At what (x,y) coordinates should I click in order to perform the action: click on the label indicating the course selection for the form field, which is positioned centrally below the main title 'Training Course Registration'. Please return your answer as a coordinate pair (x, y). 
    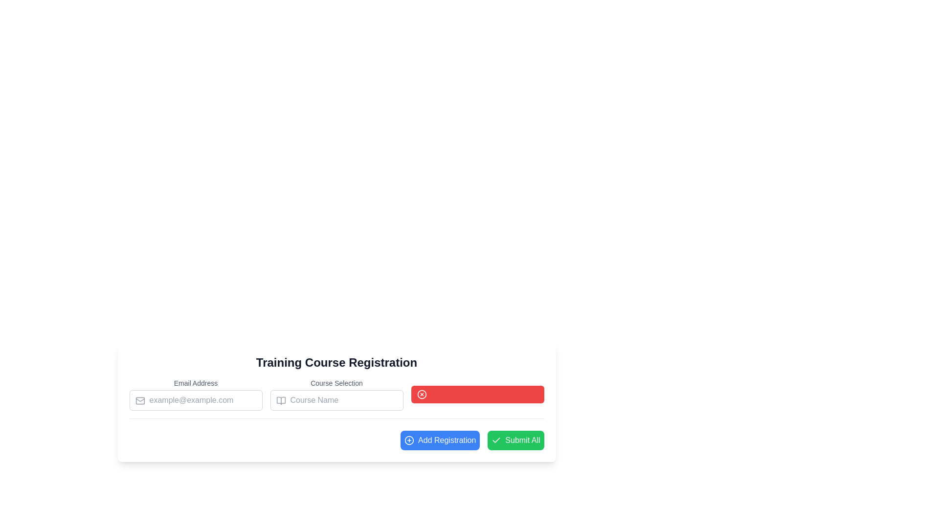
    Looking at the image, I should click on (336, 382).